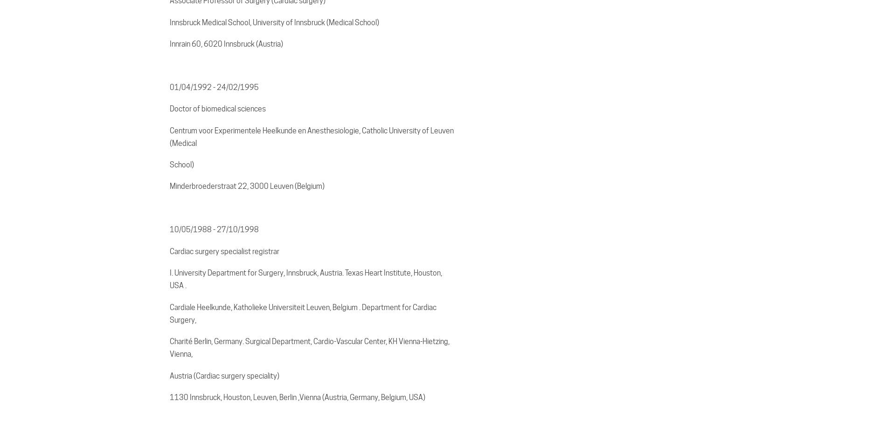  I want to click on 'School)', so click(181, 164).